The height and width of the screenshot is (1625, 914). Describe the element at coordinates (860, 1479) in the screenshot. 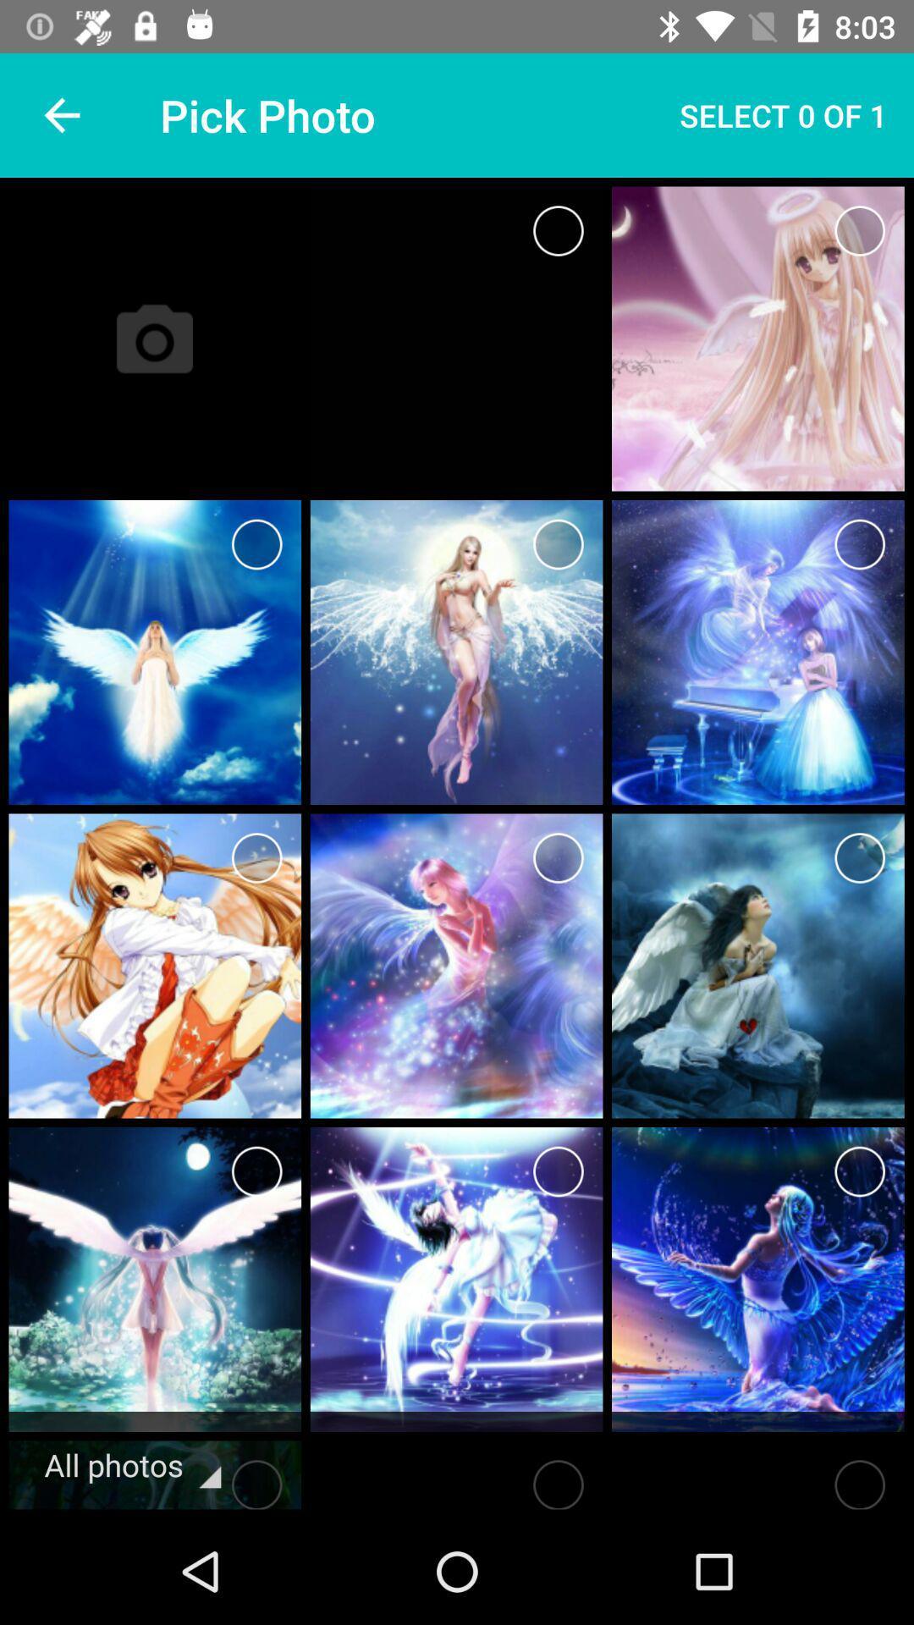

I see `serch` at that location.